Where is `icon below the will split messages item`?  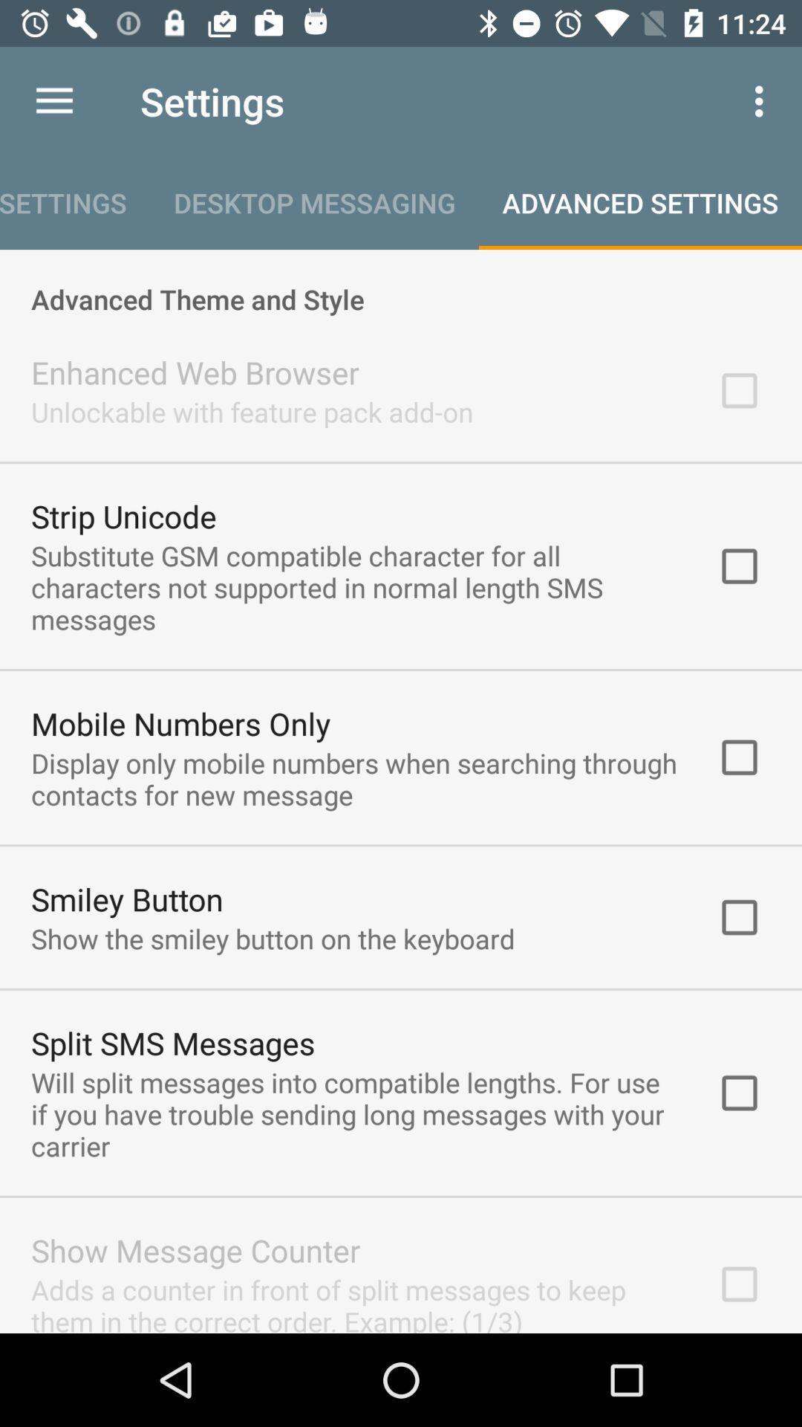 icon below the will split messages item is located at coordinates (195, 1249).